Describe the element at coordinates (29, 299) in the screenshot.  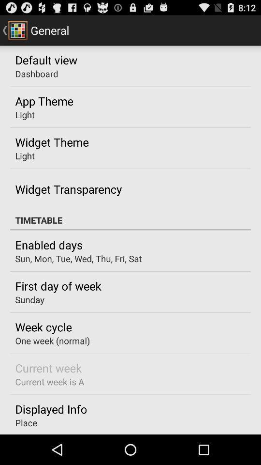
I see `sunday item` at that location.